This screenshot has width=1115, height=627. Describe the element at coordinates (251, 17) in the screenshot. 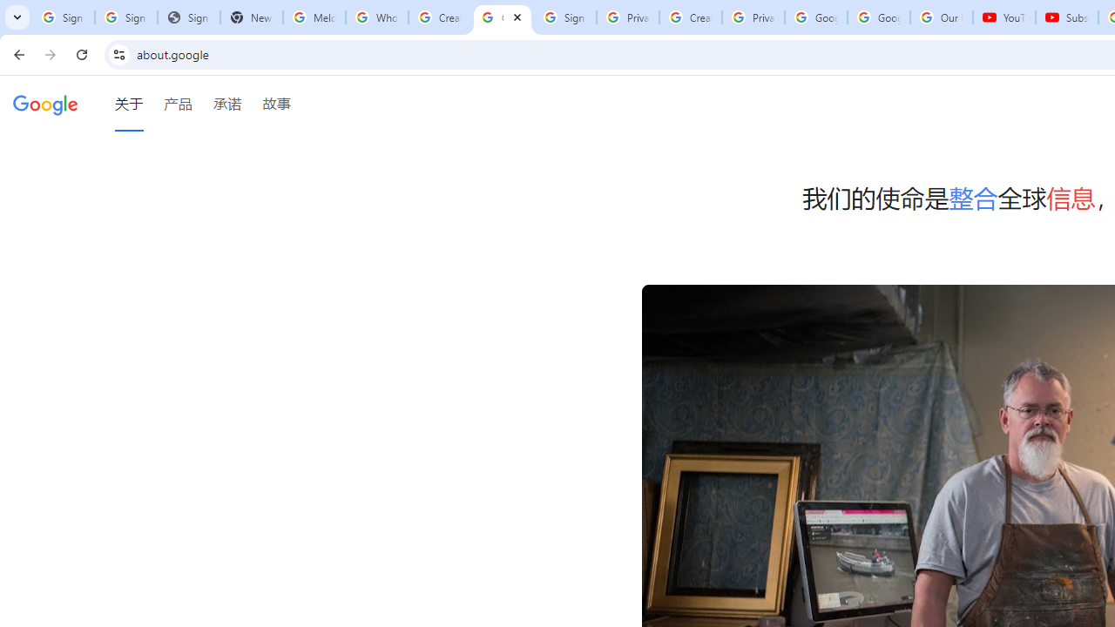

I see `'New Tab'` at that location.